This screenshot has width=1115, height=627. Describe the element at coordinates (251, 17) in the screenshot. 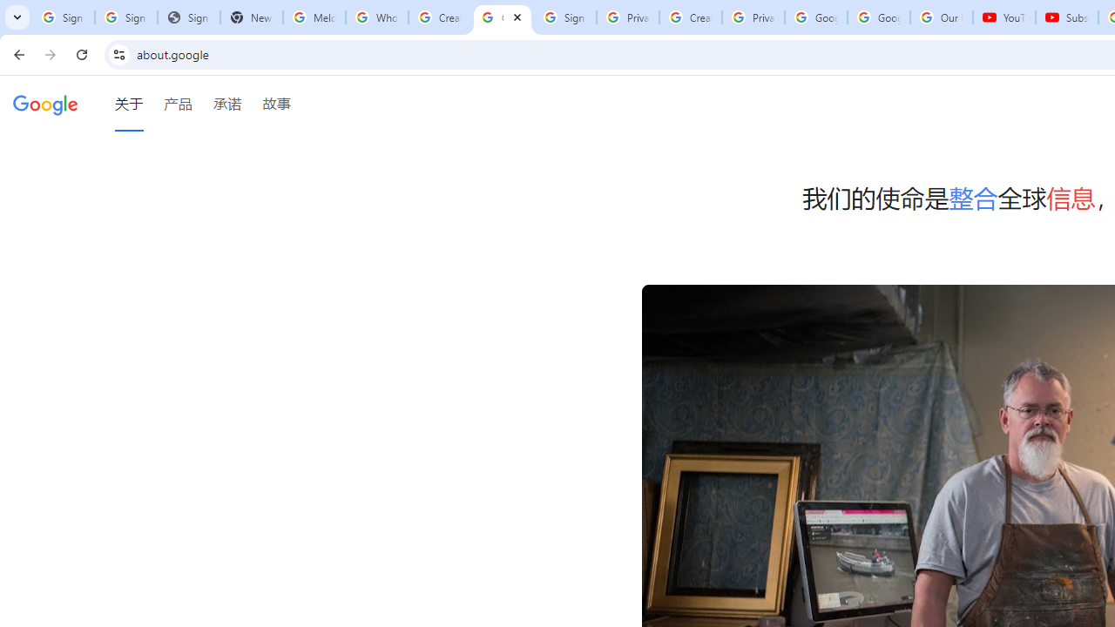

I see `'New Tab'` at that location.